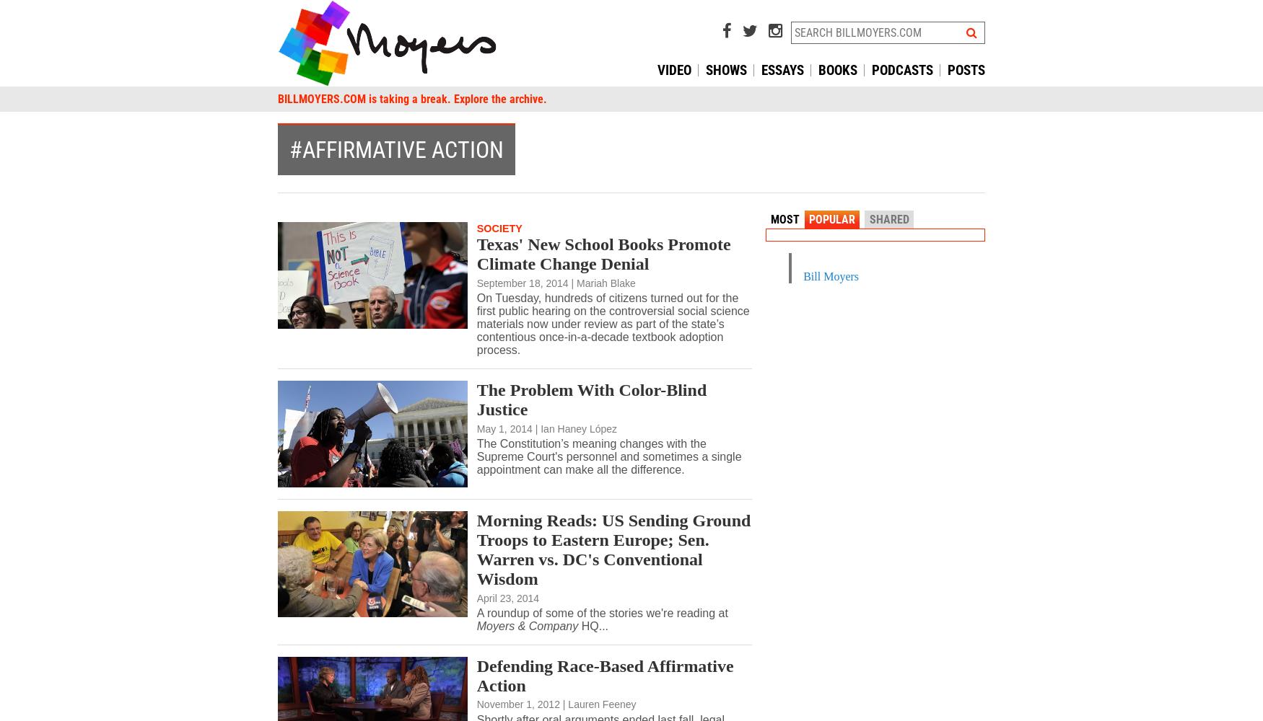  What do you see at coordinates (603, 283) in the screenshot?
I see `'| Mariah Blake'` at bounding box center [603, 283].